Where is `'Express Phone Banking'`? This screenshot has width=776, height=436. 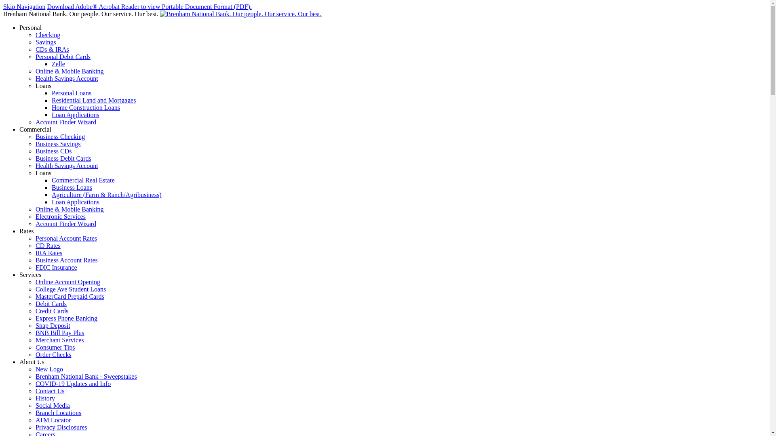 'Express Phone Banking' is located at coordinates (66, 318).